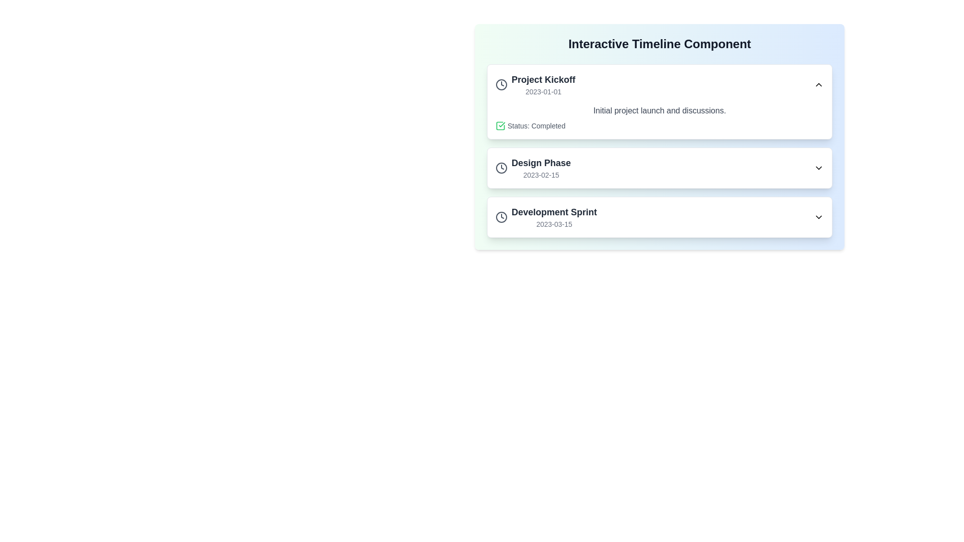  Describe the element at coordinates (535, 84) in the screenshot. I see `the first Timeline Entry indicating the 'Project Kickoff' event` at that location.